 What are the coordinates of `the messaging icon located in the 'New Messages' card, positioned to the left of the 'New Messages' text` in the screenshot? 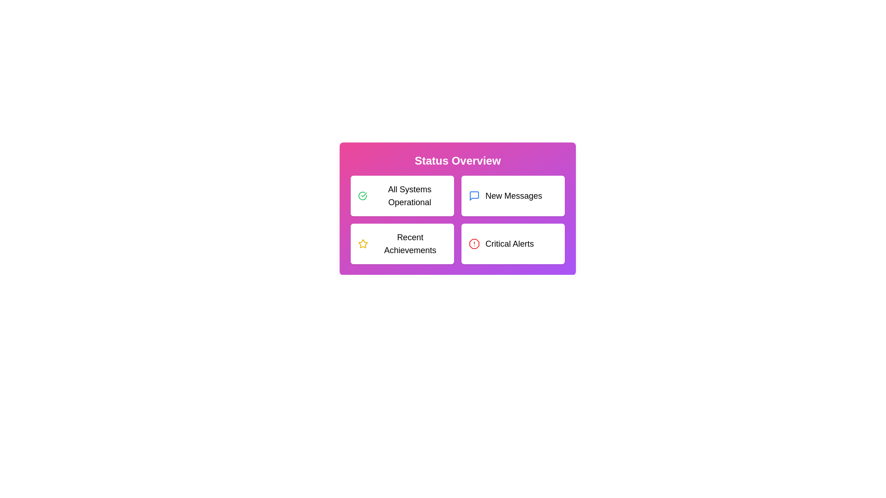 It's located at (474, 195).